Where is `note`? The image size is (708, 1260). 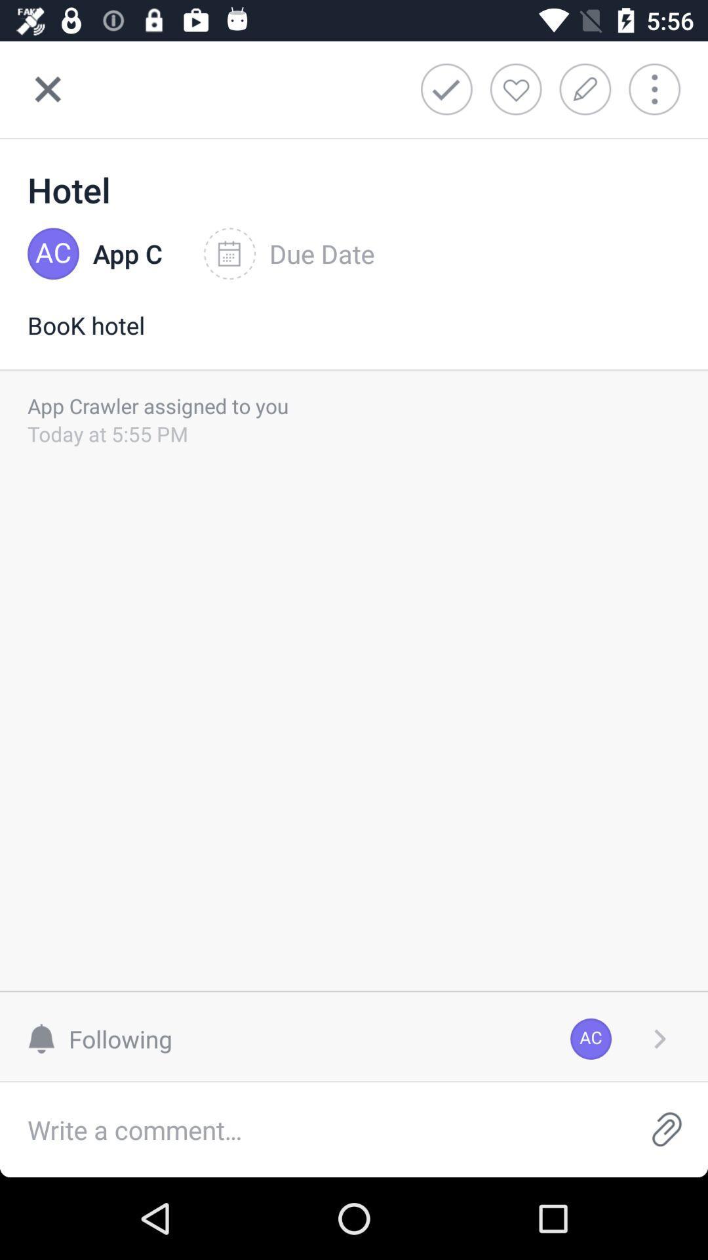
note is located at coordinates (589, 89).